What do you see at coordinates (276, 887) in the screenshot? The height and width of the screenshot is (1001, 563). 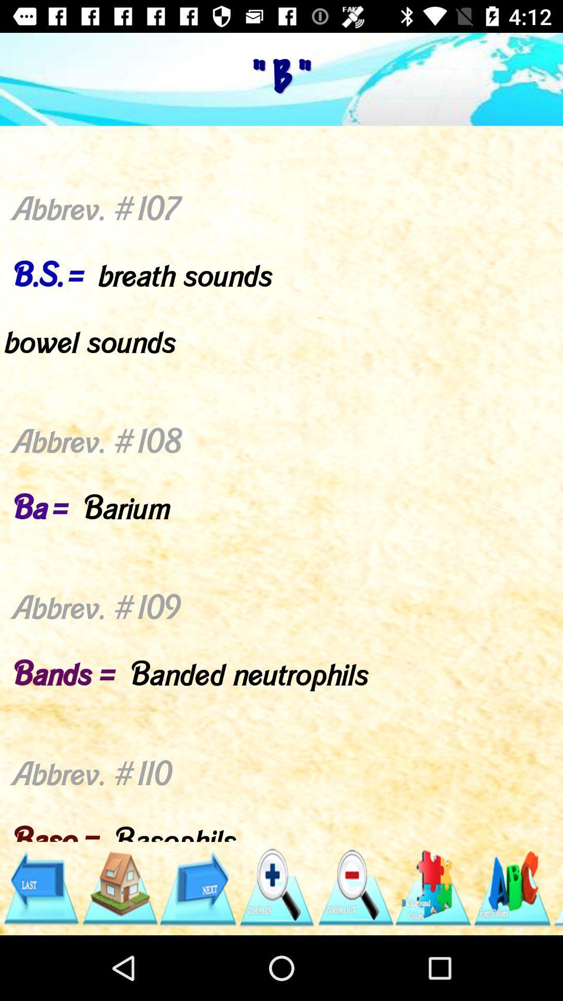 I see `the search icon` at bounding box center [276, 887].